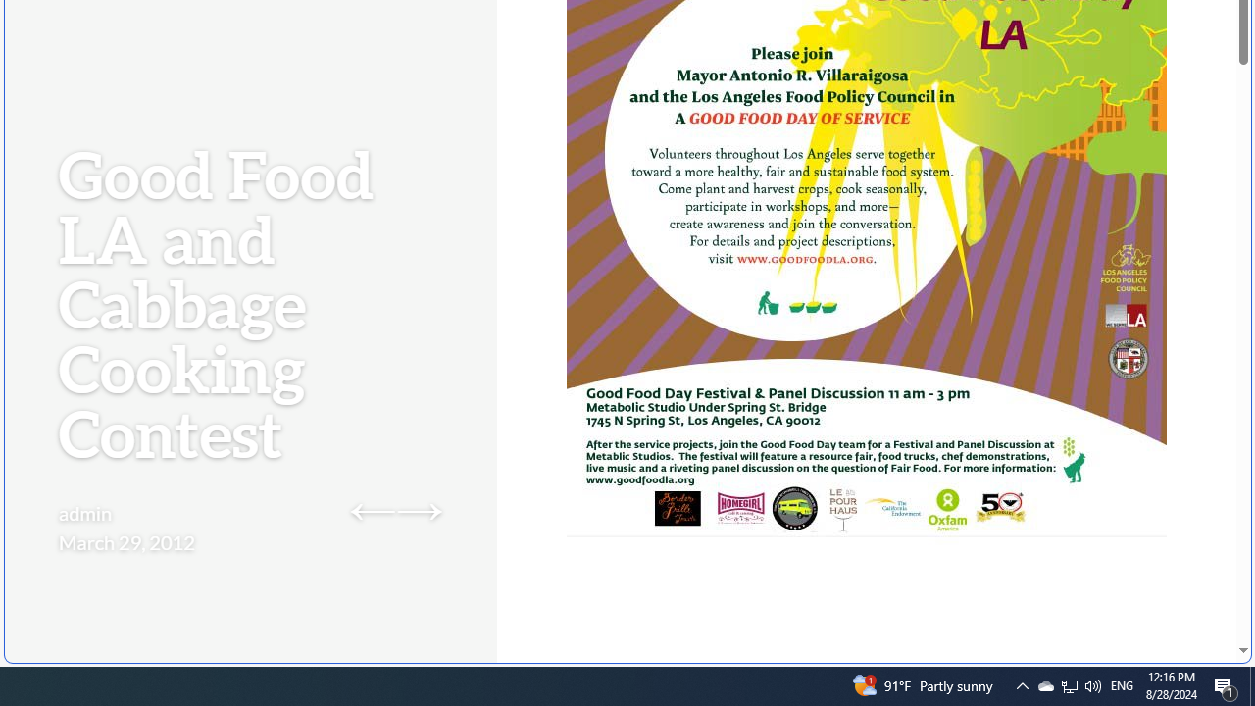 The image size is (1255, 706). What do you see at coordinates (84, 512) in the screenshot?
I see `'admin'` at bounding box center [84, 512].